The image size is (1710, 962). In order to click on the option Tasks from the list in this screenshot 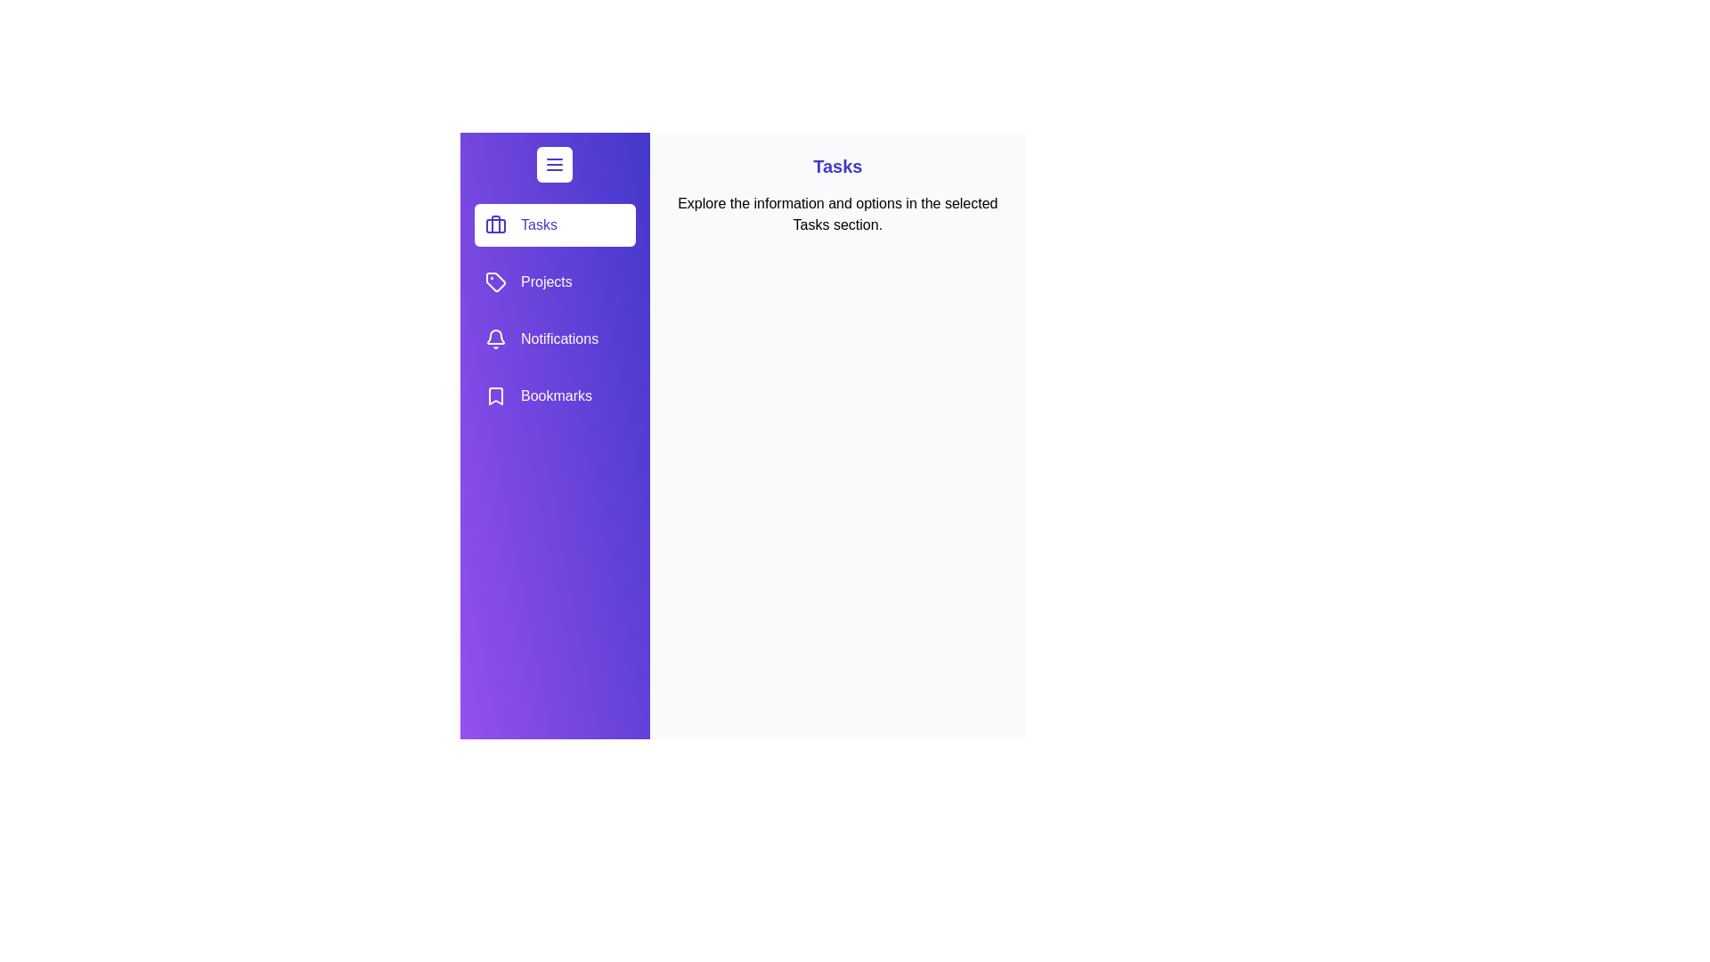, I will do `click(554, 224)`.